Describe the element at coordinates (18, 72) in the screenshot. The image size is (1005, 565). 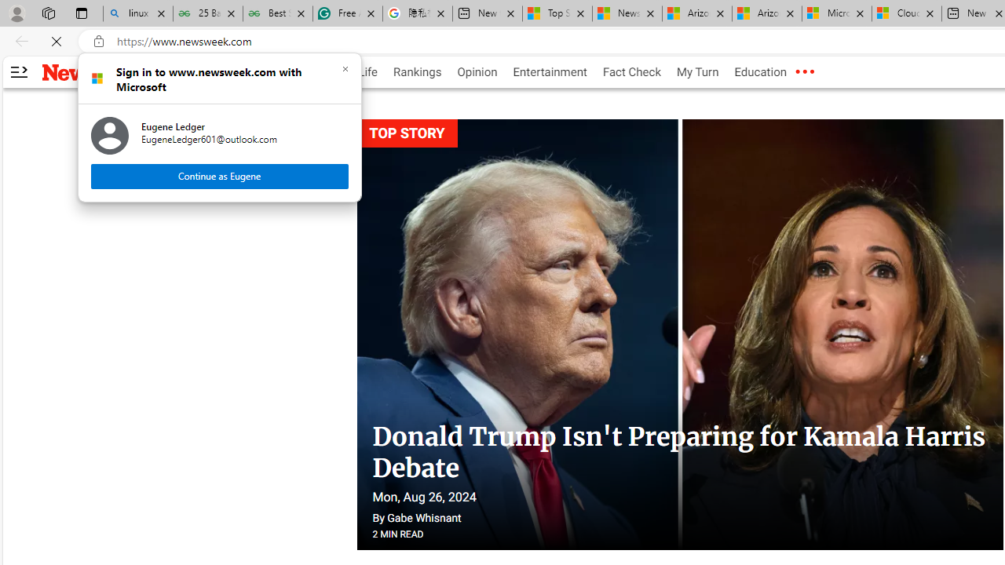
I see `'AutomationID: side-arrow'` at that location.